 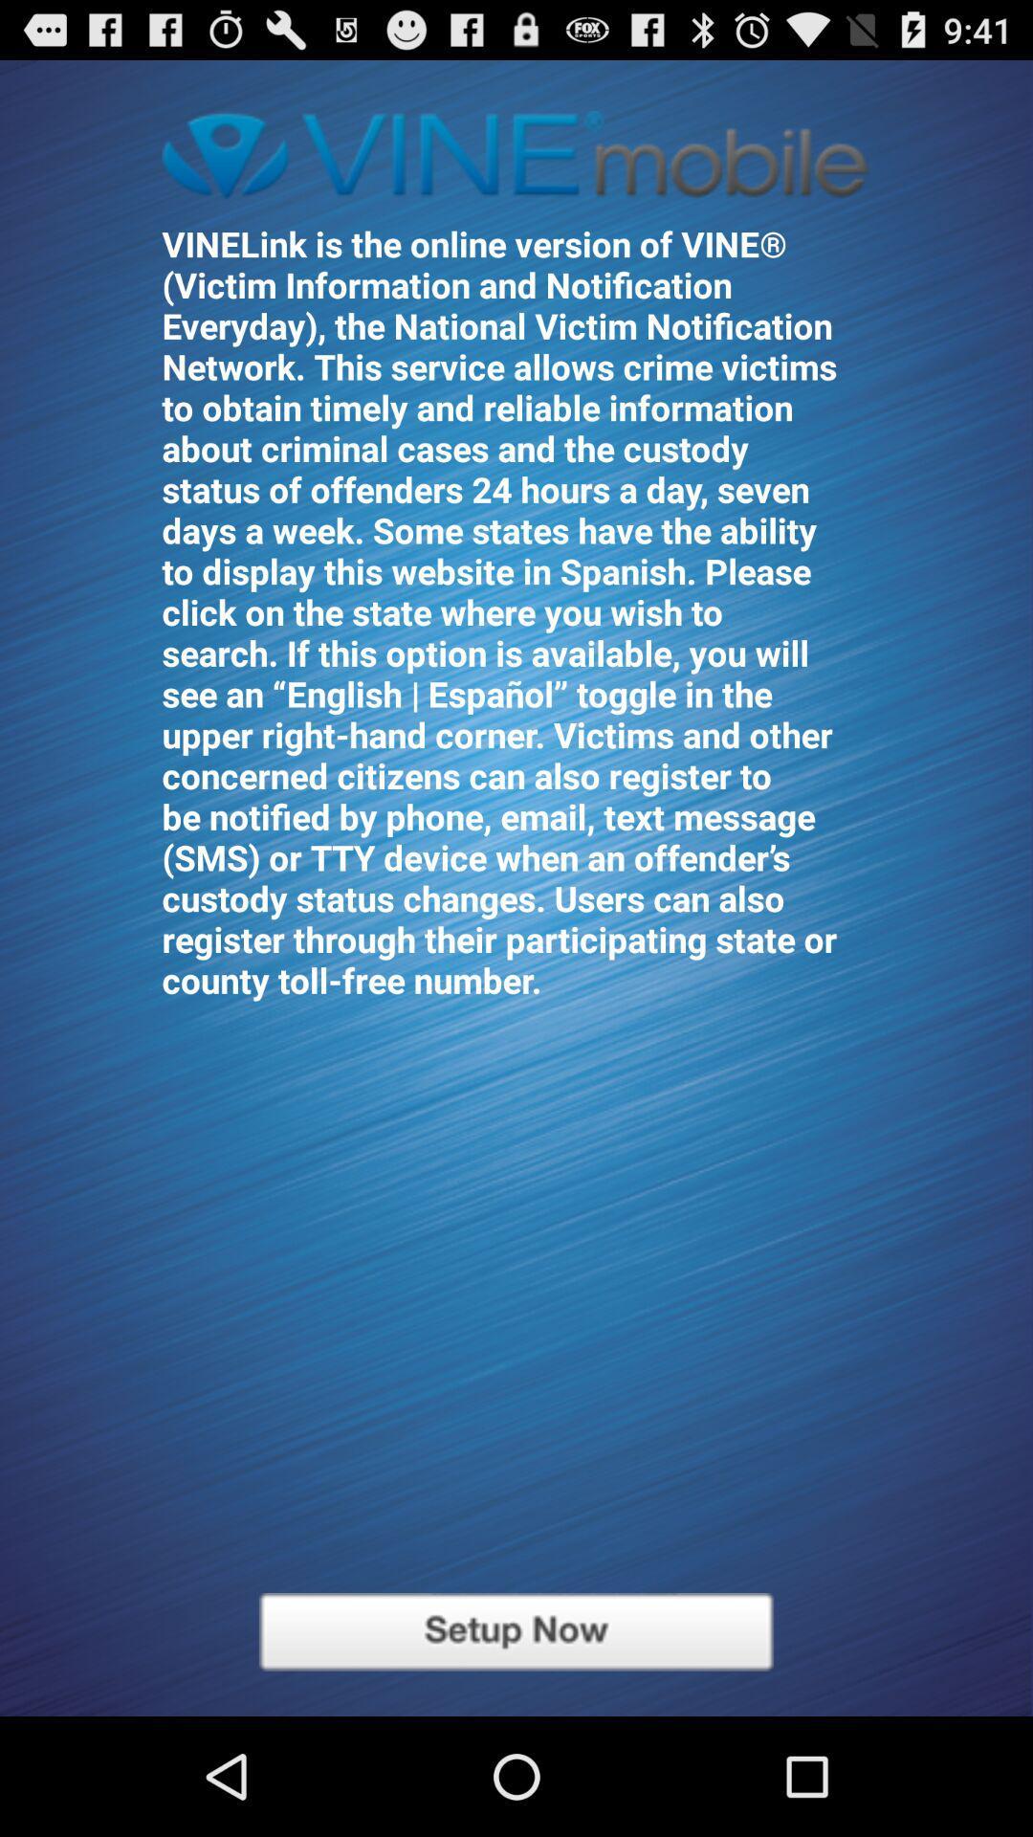 I want to click on the sliders icon, so click(x=516, y=1746).